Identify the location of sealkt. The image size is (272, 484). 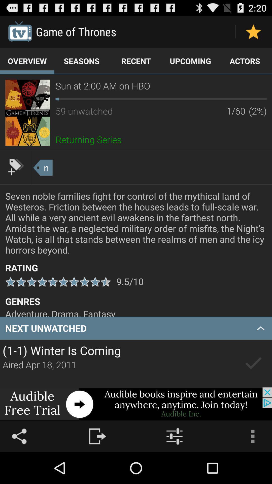
(253, 364).